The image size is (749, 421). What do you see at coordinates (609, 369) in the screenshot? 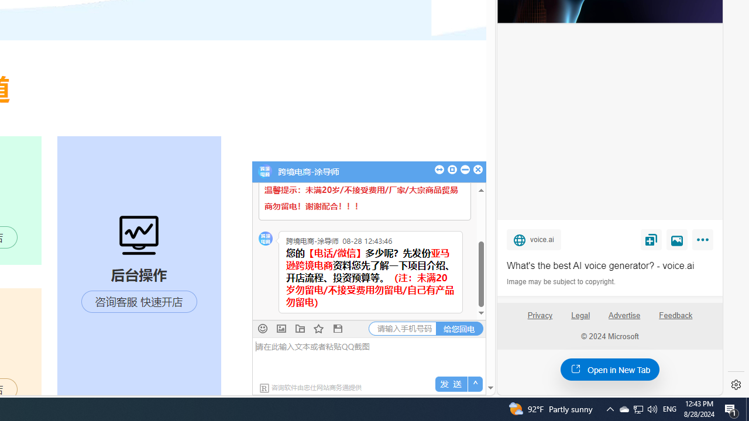
I see `'Open in New Tab'` at bounding box center [609, 369].